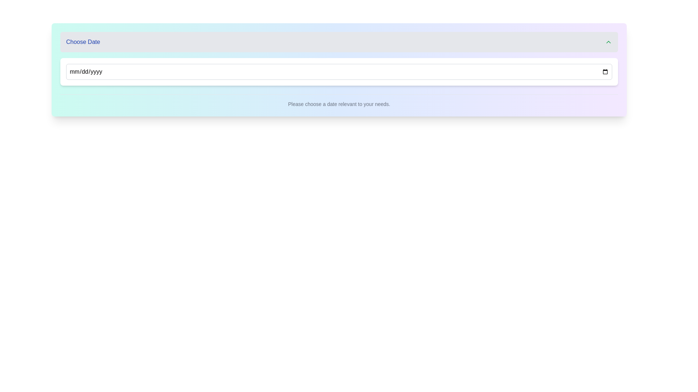 The width and height of the screenshot is (698, 392). I want to click on the text label that reads 'Please choose a date relevant to your needs.' which is positioned near the bottom of a rounded rectangular UI module, so click(338, 101).